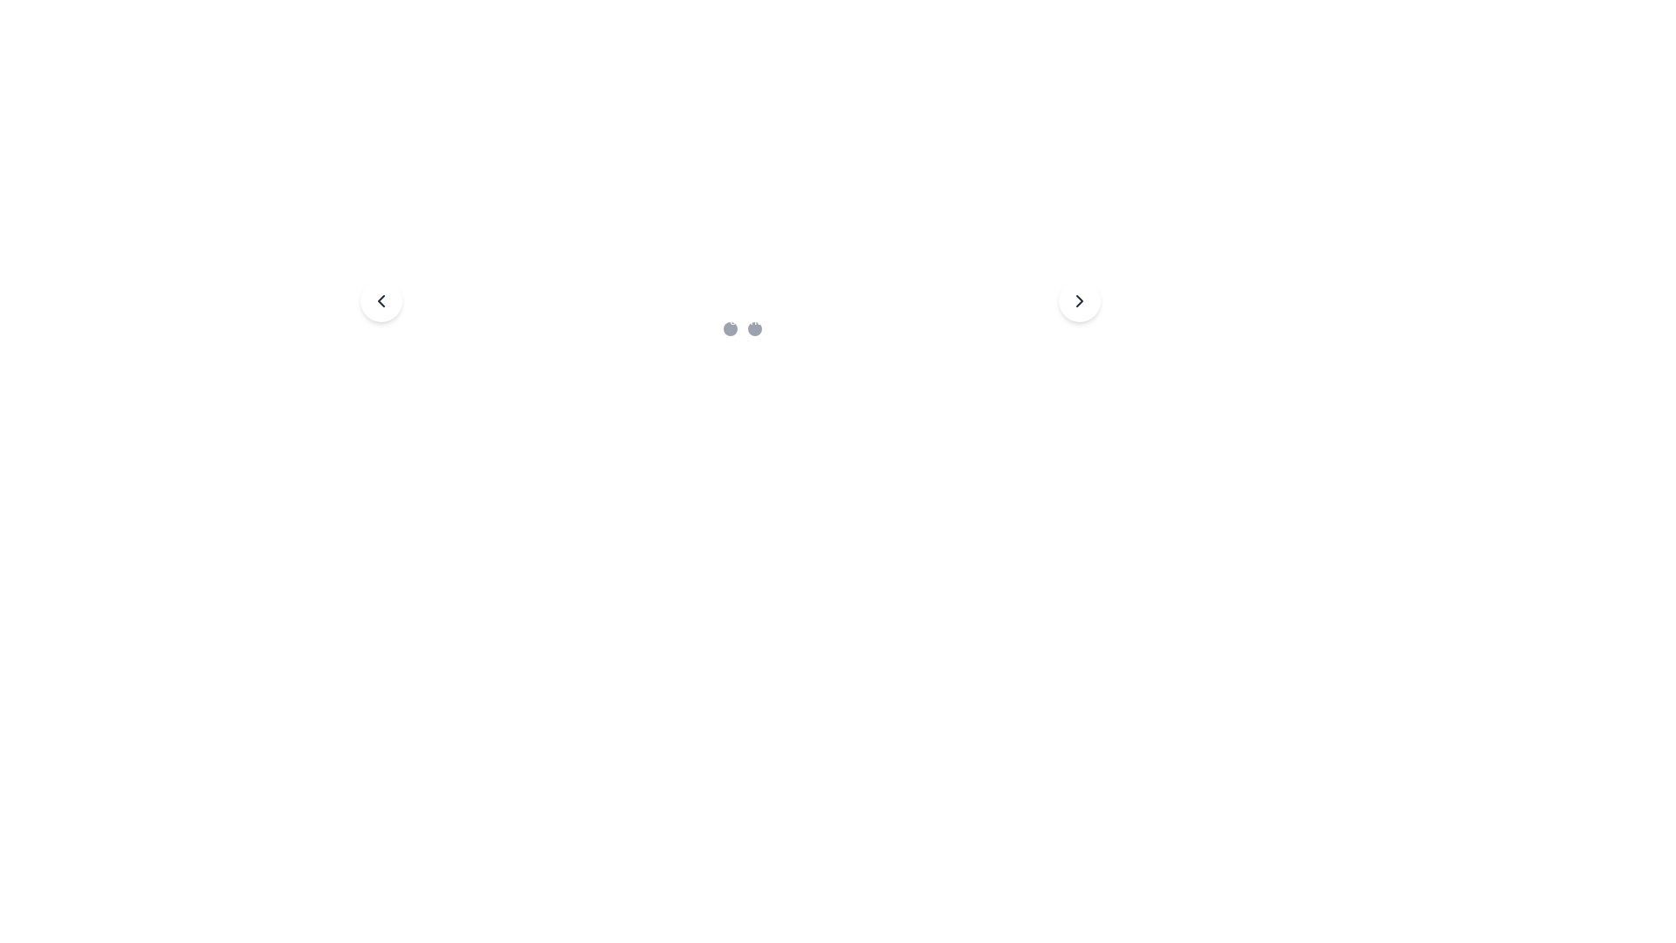 The image size is (1676, 943). I want to click on the third circular indicator or selector, which is the far right element in a row of three similar circular elements, located near the center of the interface, so click(754, 329).